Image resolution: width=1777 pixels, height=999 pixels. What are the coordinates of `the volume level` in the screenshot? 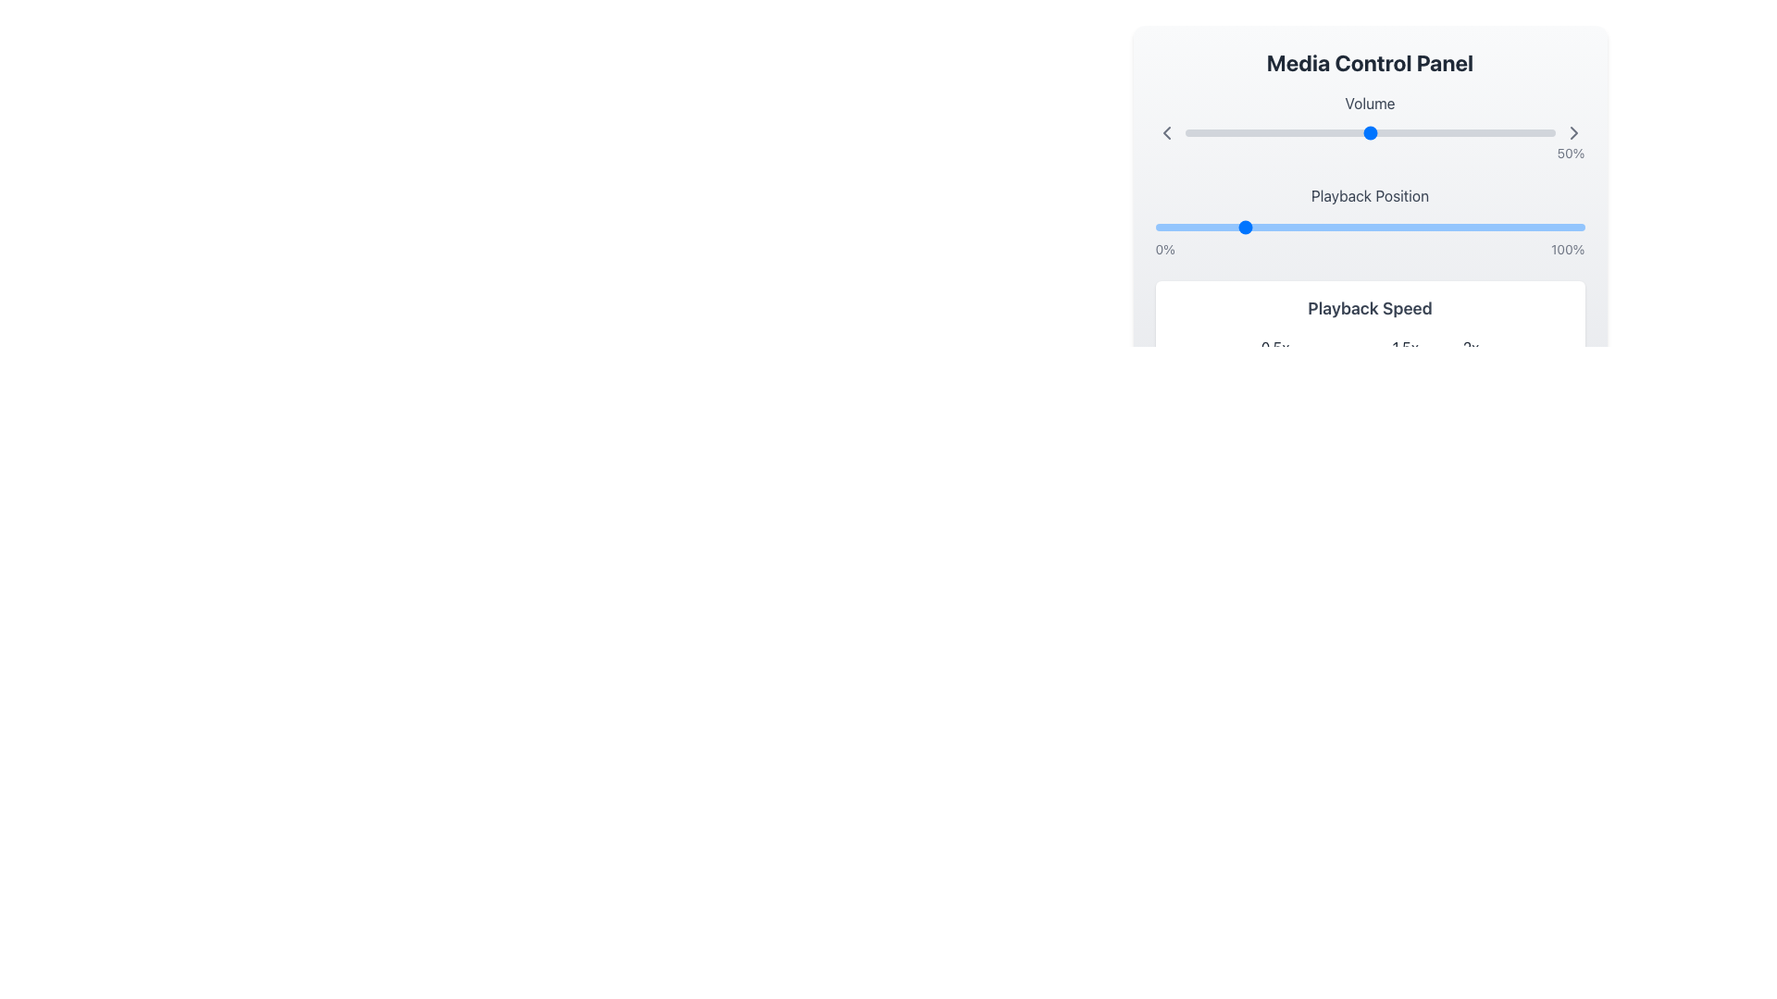 It's located at (1476, 131).